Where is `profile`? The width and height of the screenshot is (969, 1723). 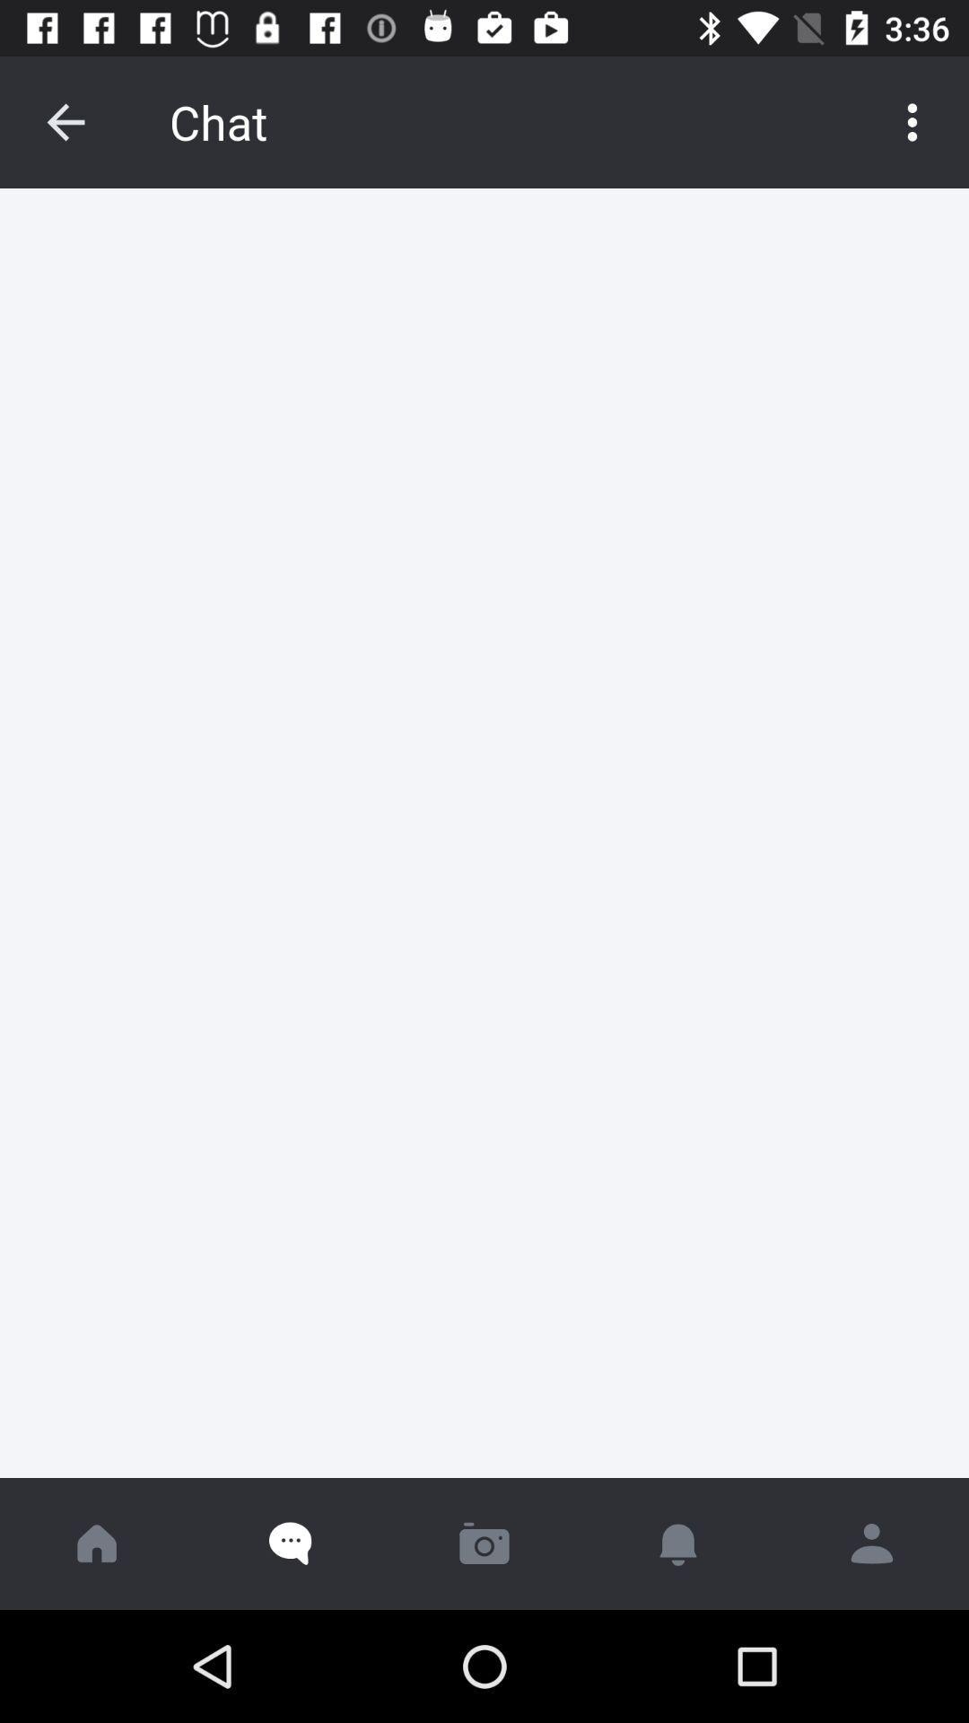
profile is located at coordinates (871, 1543).